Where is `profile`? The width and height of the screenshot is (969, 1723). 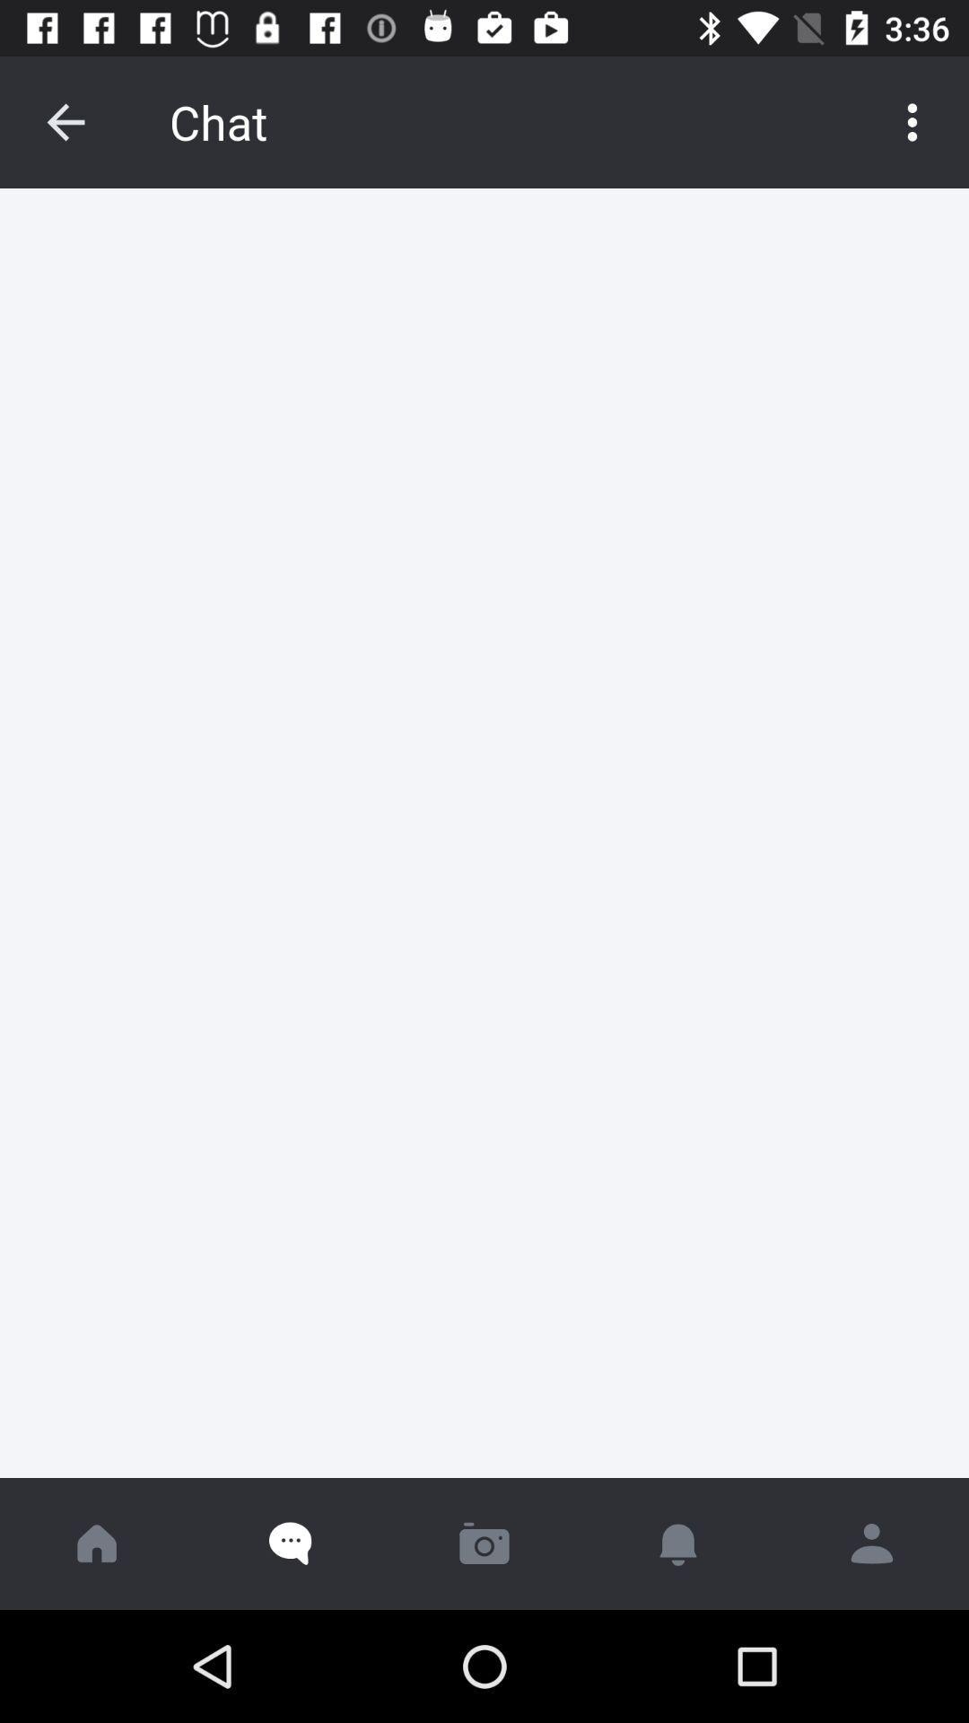
profile is located at coordinates (871, 1543).